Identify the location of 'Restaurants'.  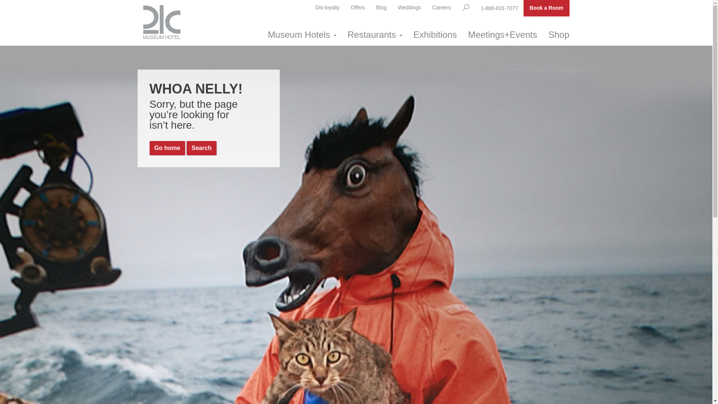
(375, 34).